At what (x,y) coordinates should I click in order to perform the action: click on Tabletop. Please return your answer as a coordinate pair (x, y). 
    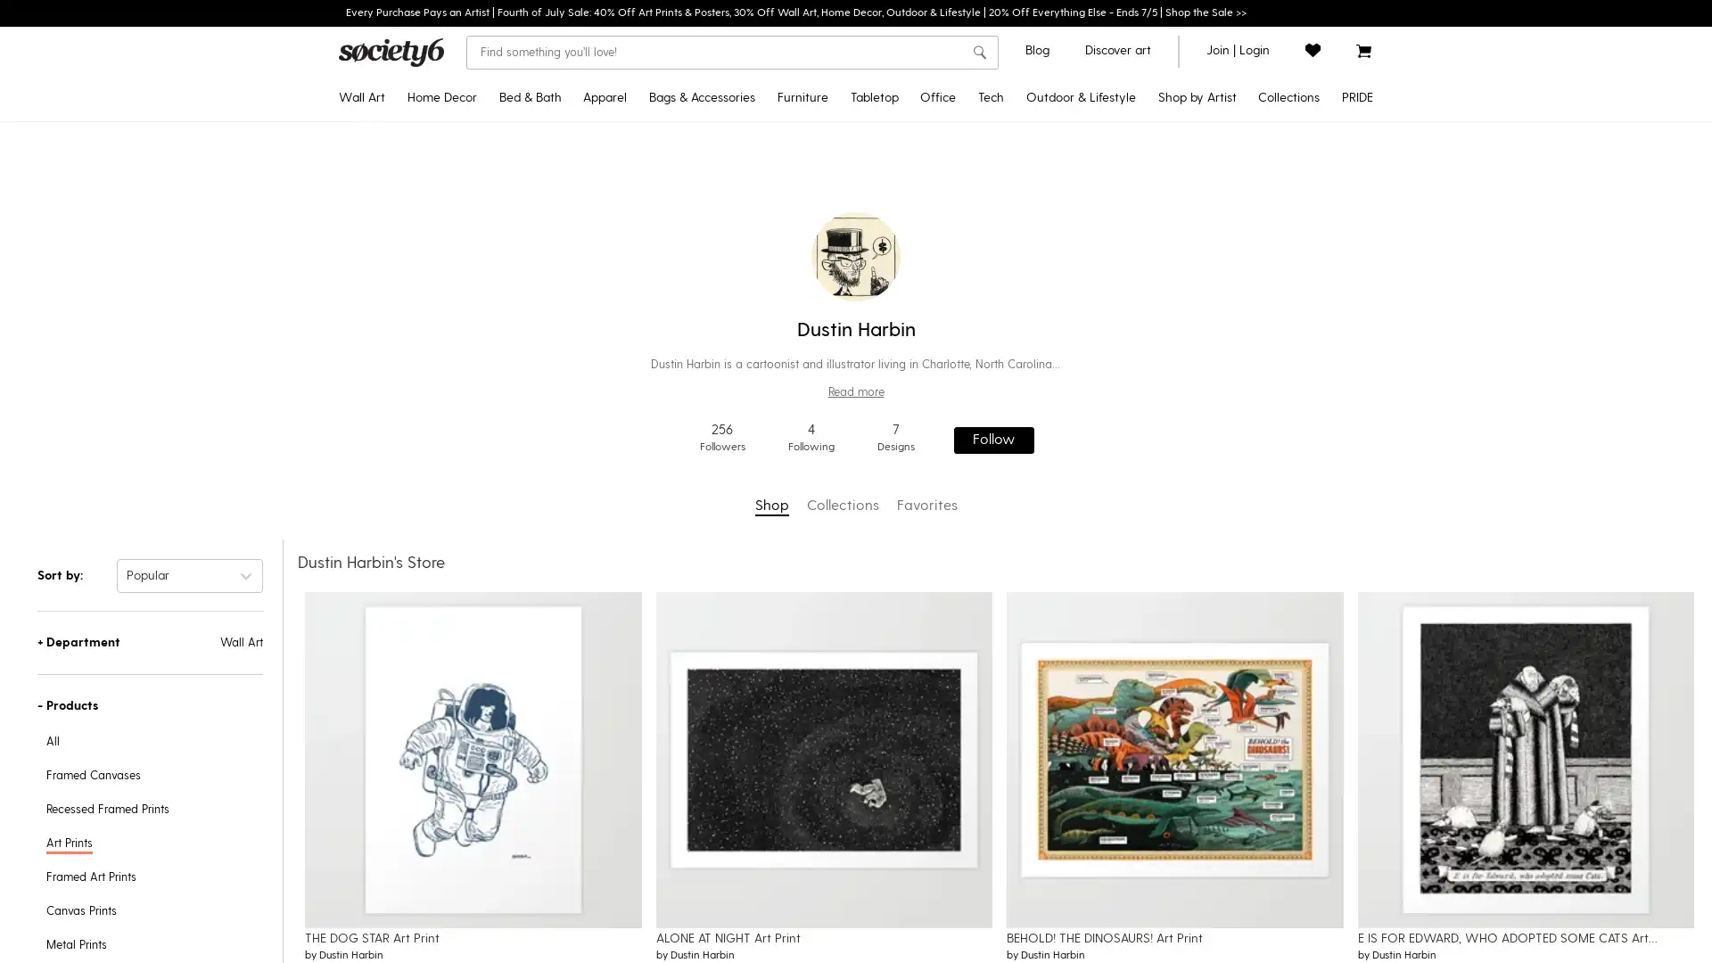
    Looking at the image, I should click on (873, 98).